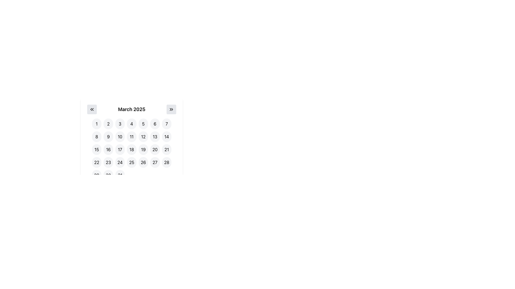 This screenshot has width=515, height=289. Describe the element at coordinates (131, 150) in the screenshot. I see `the date button in the calendar grid for March 2025` at that location.